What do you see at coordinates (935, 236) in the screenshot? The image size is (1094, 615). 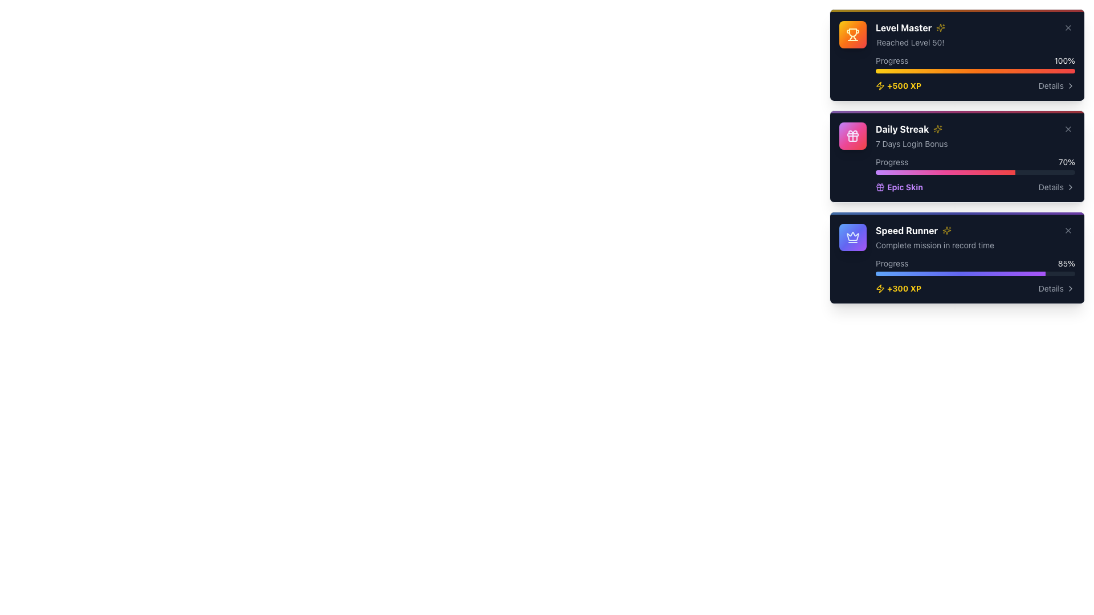 I see `the text block titled 'Speed Runner' which features a yellow sparkling icon and a subtitle 'Complete mission in record time', located at the bottom of a vertical stack of similar components` at bounding box center [935, 236].